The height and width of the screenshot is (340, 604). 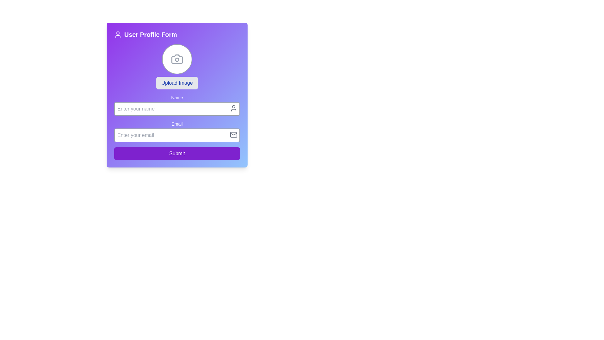 I want to click on the Text Label that indicates the input field for entering the user's name, located near the top of the form, so click(x=176, y=97).